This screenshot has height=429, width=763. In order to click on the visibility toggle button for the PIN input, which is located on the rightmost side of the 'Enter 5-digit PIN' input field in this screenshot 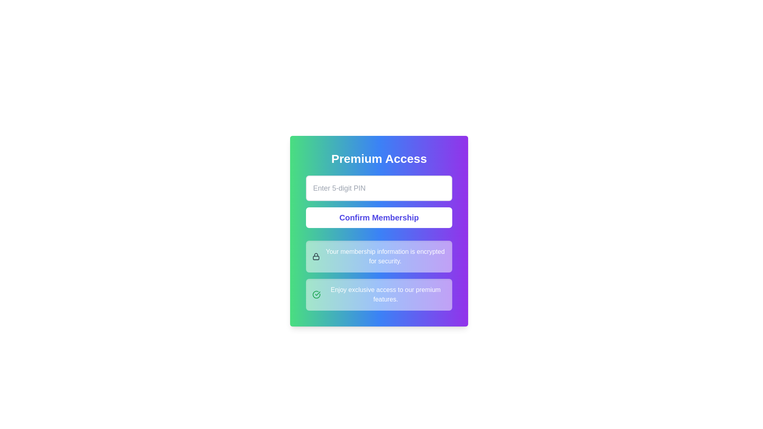, I will do `click(440, 188)`.